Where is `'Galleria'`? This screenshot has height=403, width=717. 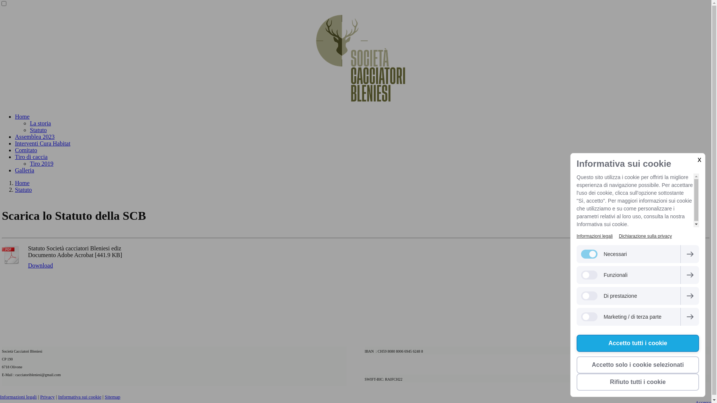 'Galleria' is located at coordinates (25, 170).